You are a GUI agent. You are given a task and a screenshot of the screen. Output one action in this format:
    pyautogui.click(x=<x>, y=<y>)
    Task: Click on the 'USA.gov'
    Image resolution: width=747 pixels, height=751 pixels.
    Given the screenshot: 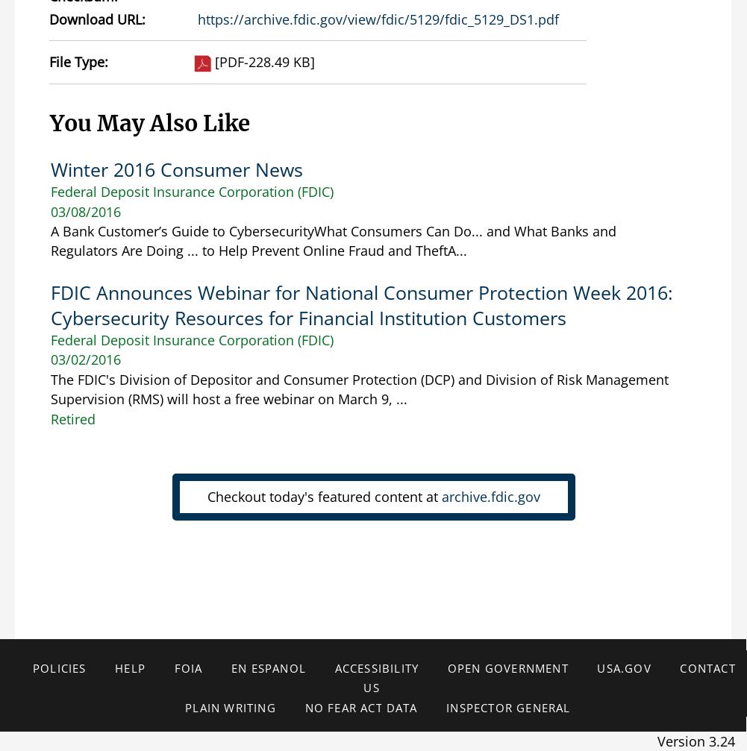 What is the action you would take?
    pyautogui.click(x=596, y=667)
    